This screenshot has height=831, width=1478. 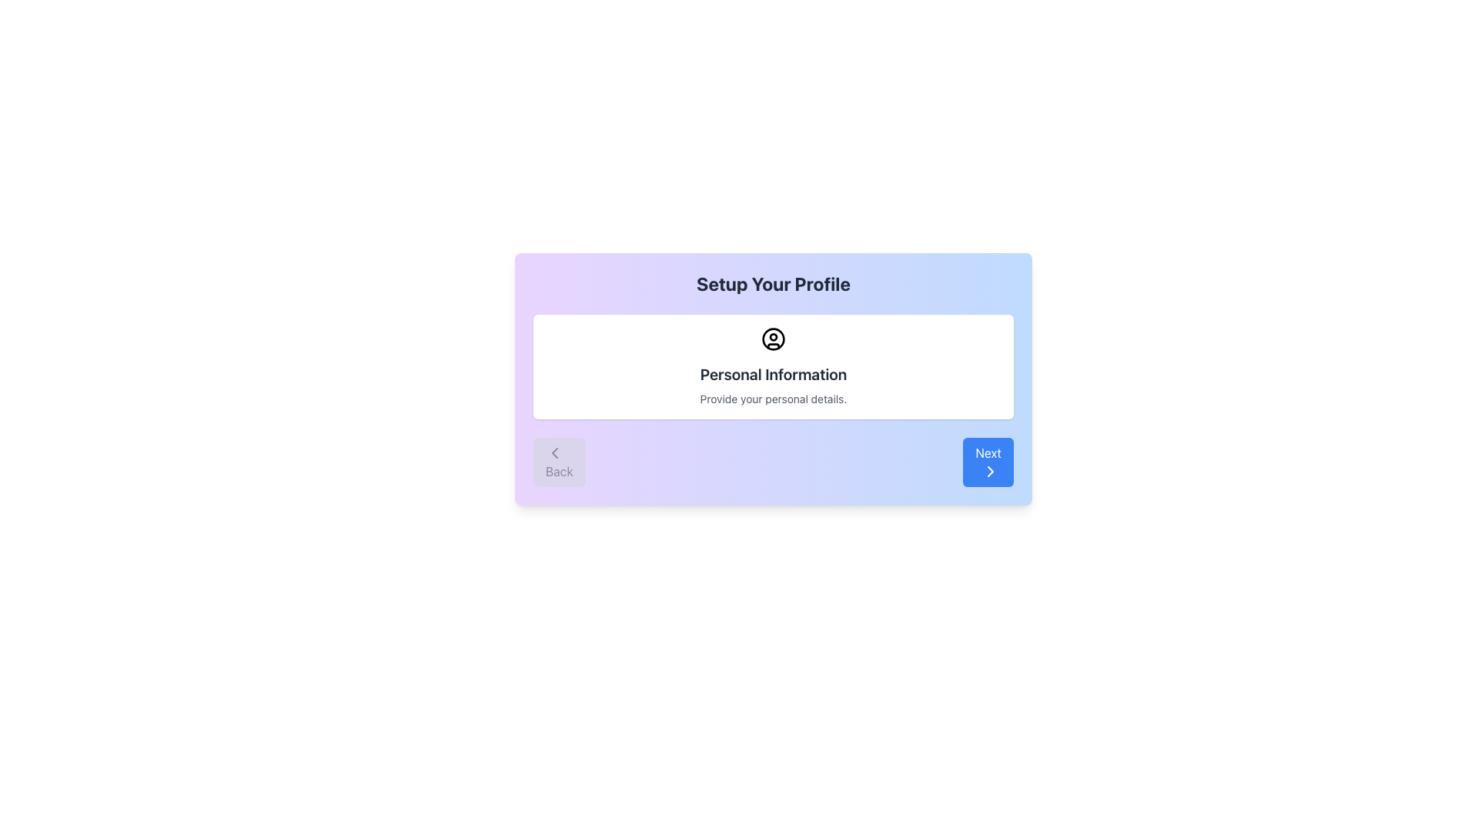 I want to click on the 'Next' button located in the bottom right corner of the card interface, so click(x=988, y=462).